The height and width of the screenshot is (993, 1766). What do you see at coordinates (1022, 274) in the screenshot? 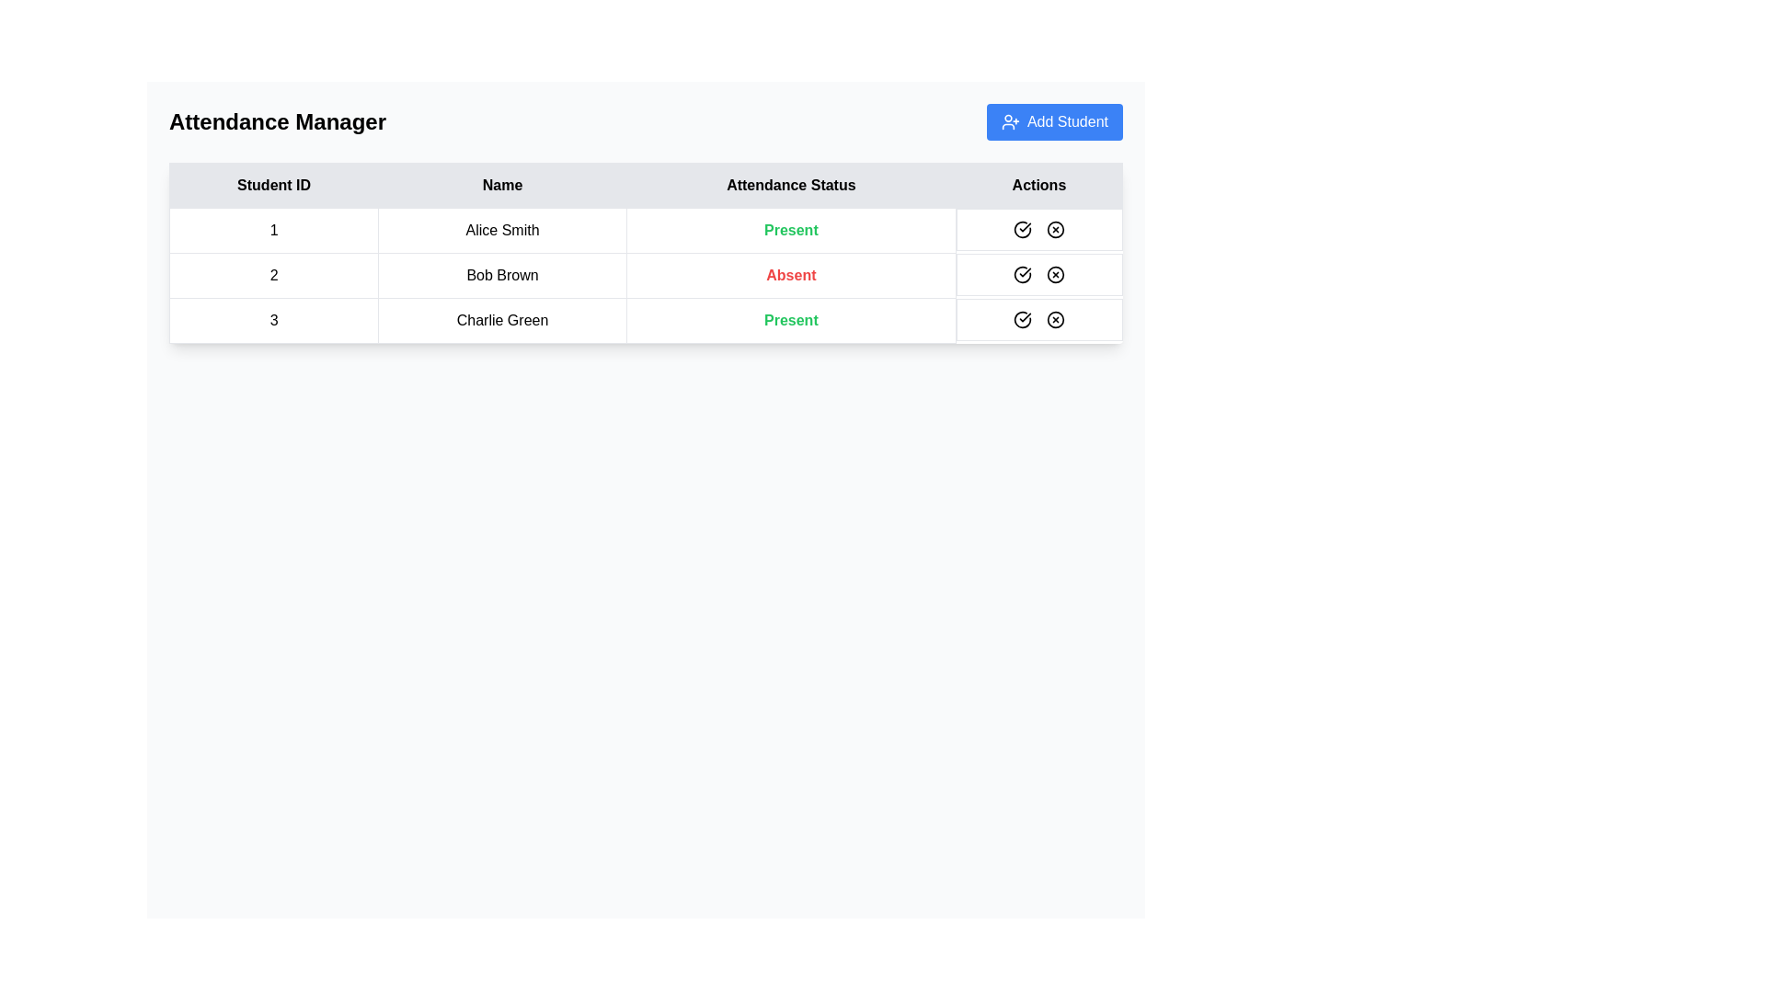
I see `the SVG graphic icon in the 'Actions' column for 'Charlie Green', which signifies confirming or approving attendance` at bounding box center [1022, 274].